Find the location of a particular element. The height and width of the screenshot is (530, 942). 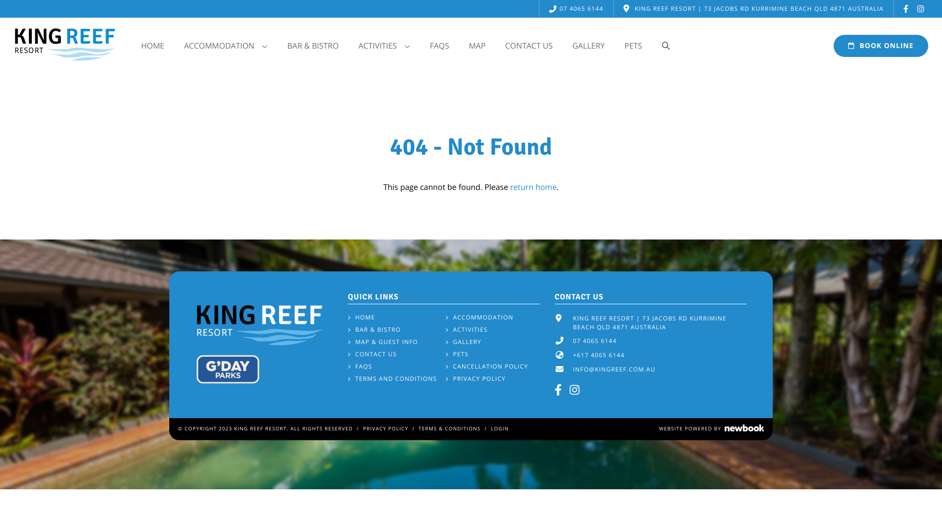

'BAR & BISTRO' is located at coordinates (312, 45).